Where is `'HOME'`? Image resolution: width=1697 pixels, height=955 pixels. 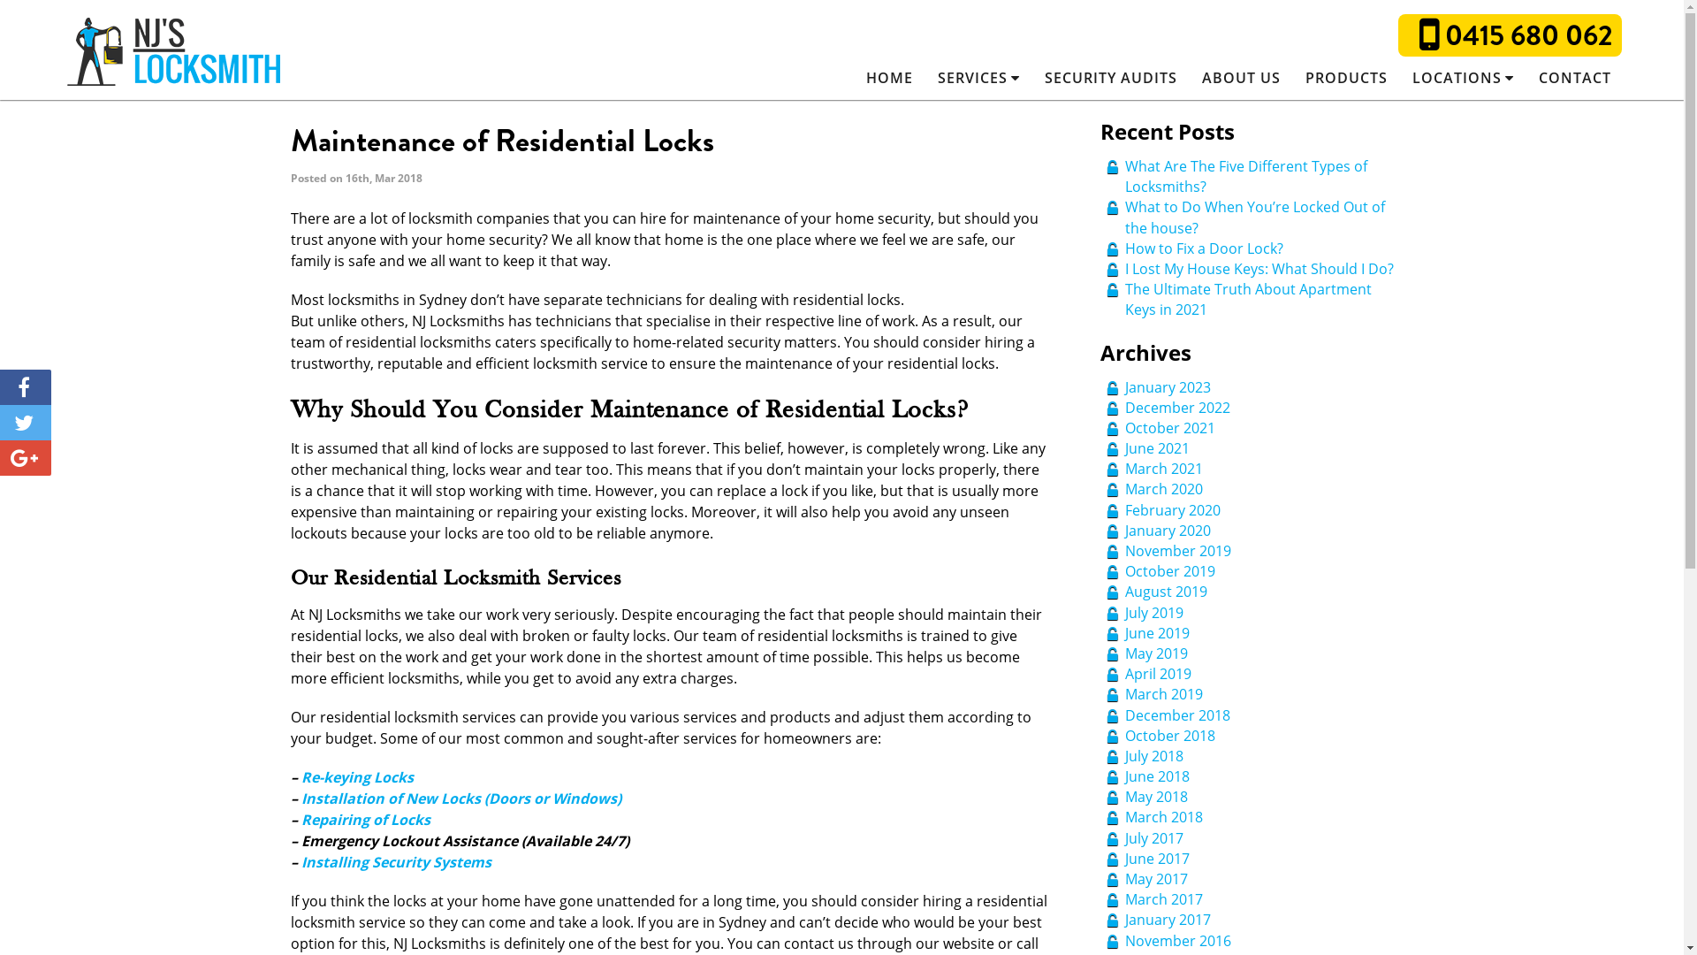 'HOME' is located at coordinates (889, 77).